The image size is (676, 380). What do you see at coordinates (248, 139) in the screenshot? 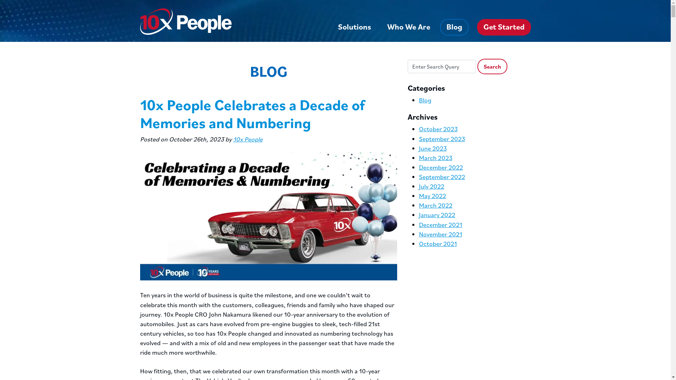
I see `'10x People'` at bounding box center [248, 139].